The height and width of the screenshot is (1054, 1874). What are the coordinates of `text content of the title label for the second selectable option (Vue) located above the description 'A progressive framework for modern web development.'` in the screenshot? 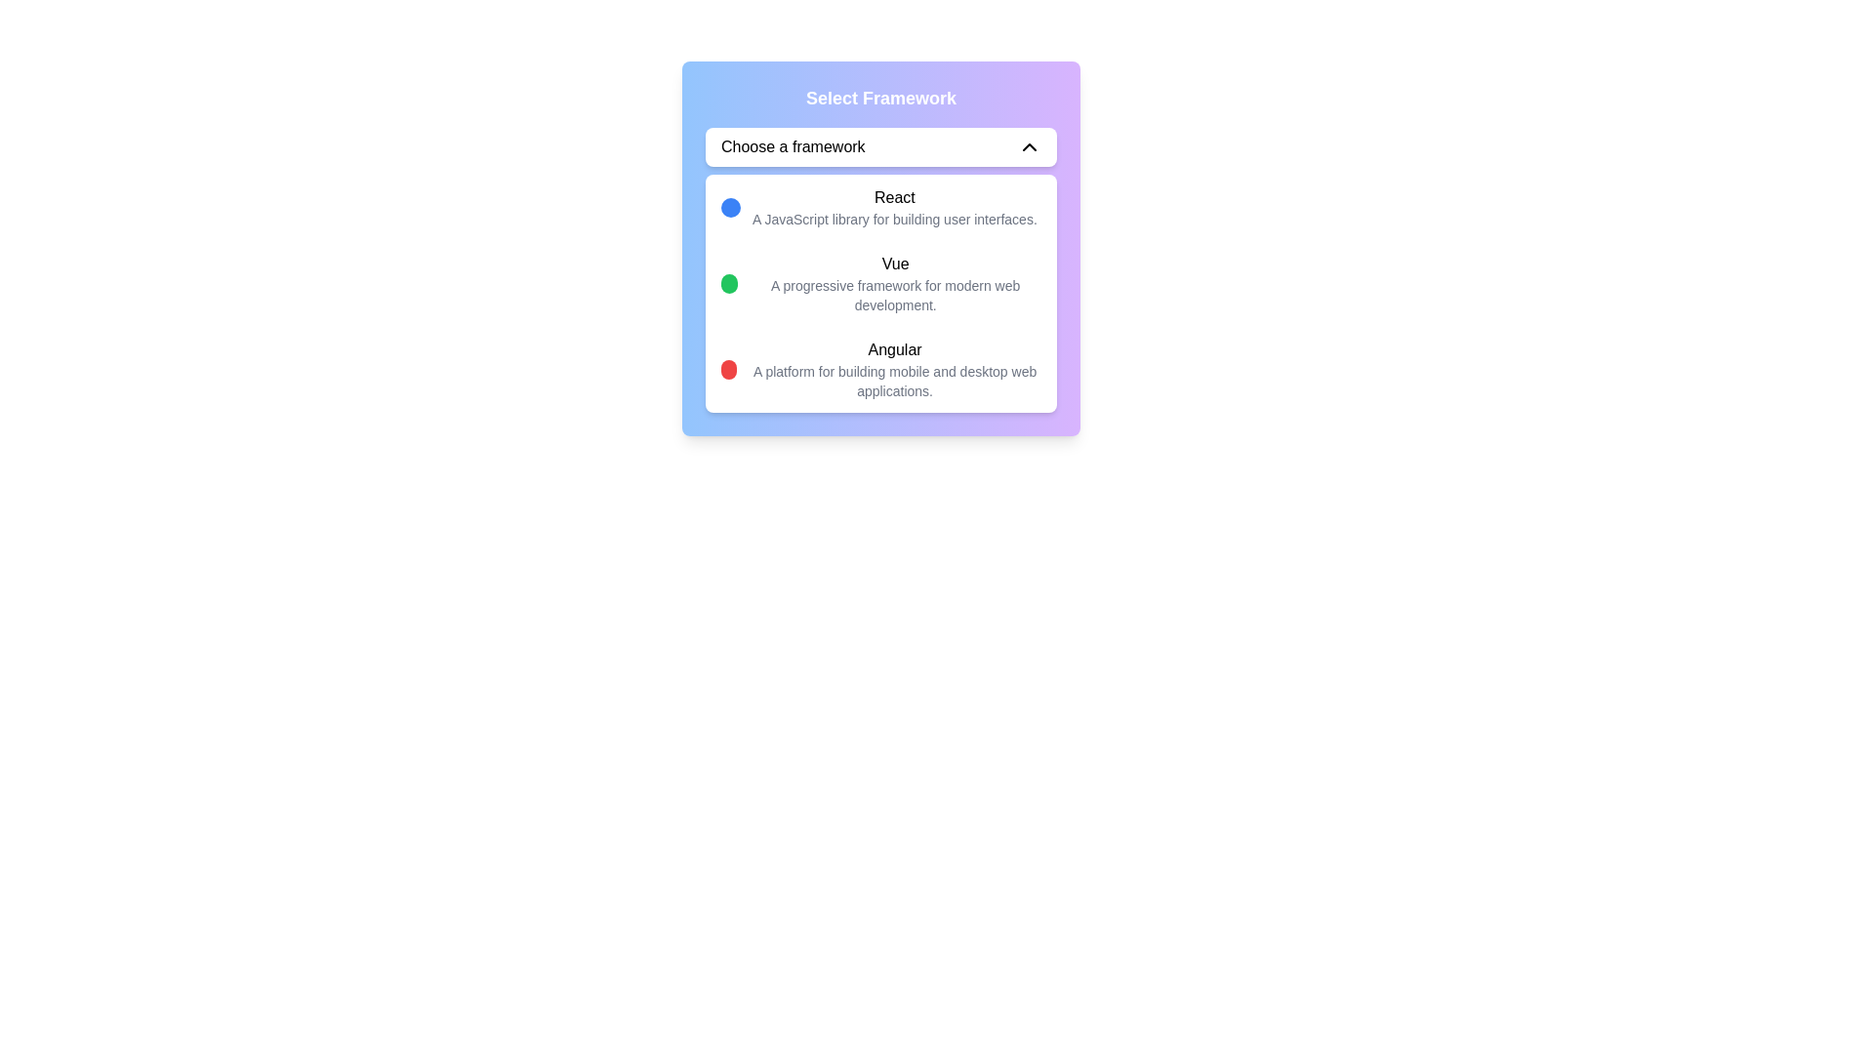 It's located at (894, 263).